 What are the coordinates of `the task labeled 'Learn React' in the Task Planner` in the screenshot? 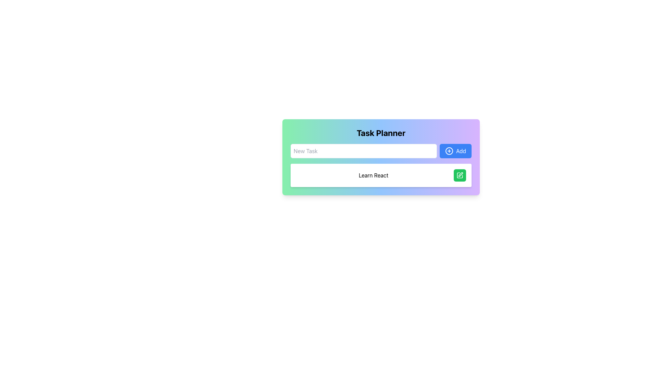 It's located at (381, 175).